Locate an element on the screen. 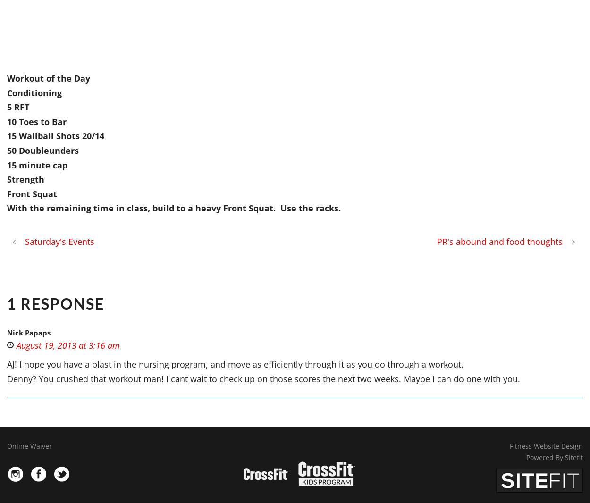  'Front Squat' is located at coordinates (32, 193).